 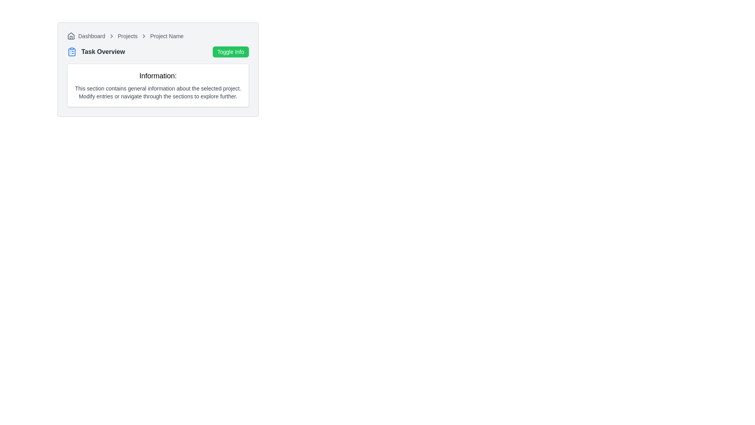 I want to click on the green button labeled 'Toggle Info' located in the upper-right side of the 'Task Overview' section, so click(x=230, y=52).